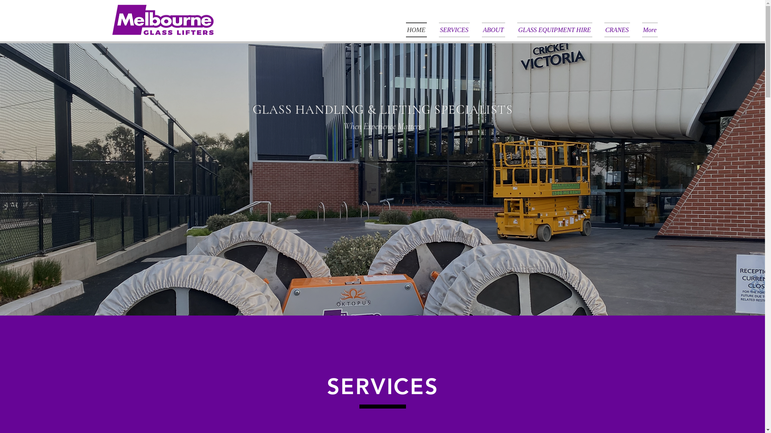 The height and width of the screenshot is (433, 771). What do you see at coordinates (418, 29) in the screenshot?
I see `'HOME'` at bounding box center [418, 29].